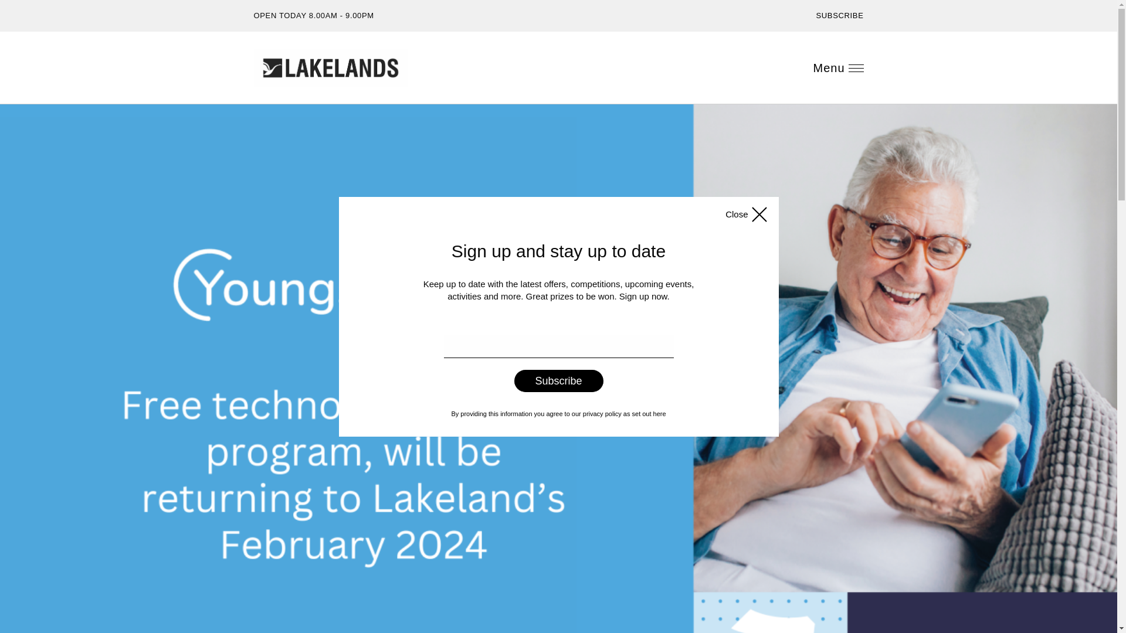 The image size is (1126, 633). Describe the element at coordinates (837, 68) in the screenshot. I see `'Menu'` at that location.